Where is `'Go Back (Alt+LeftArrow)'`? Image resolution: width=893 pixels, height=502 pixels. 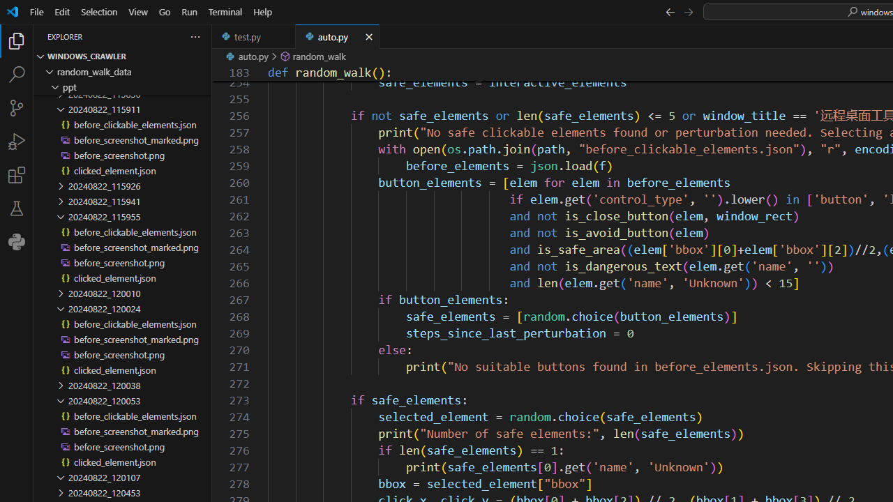 'Go Back (Alt+LeftArrow)' is located at coordinates (670, 11).